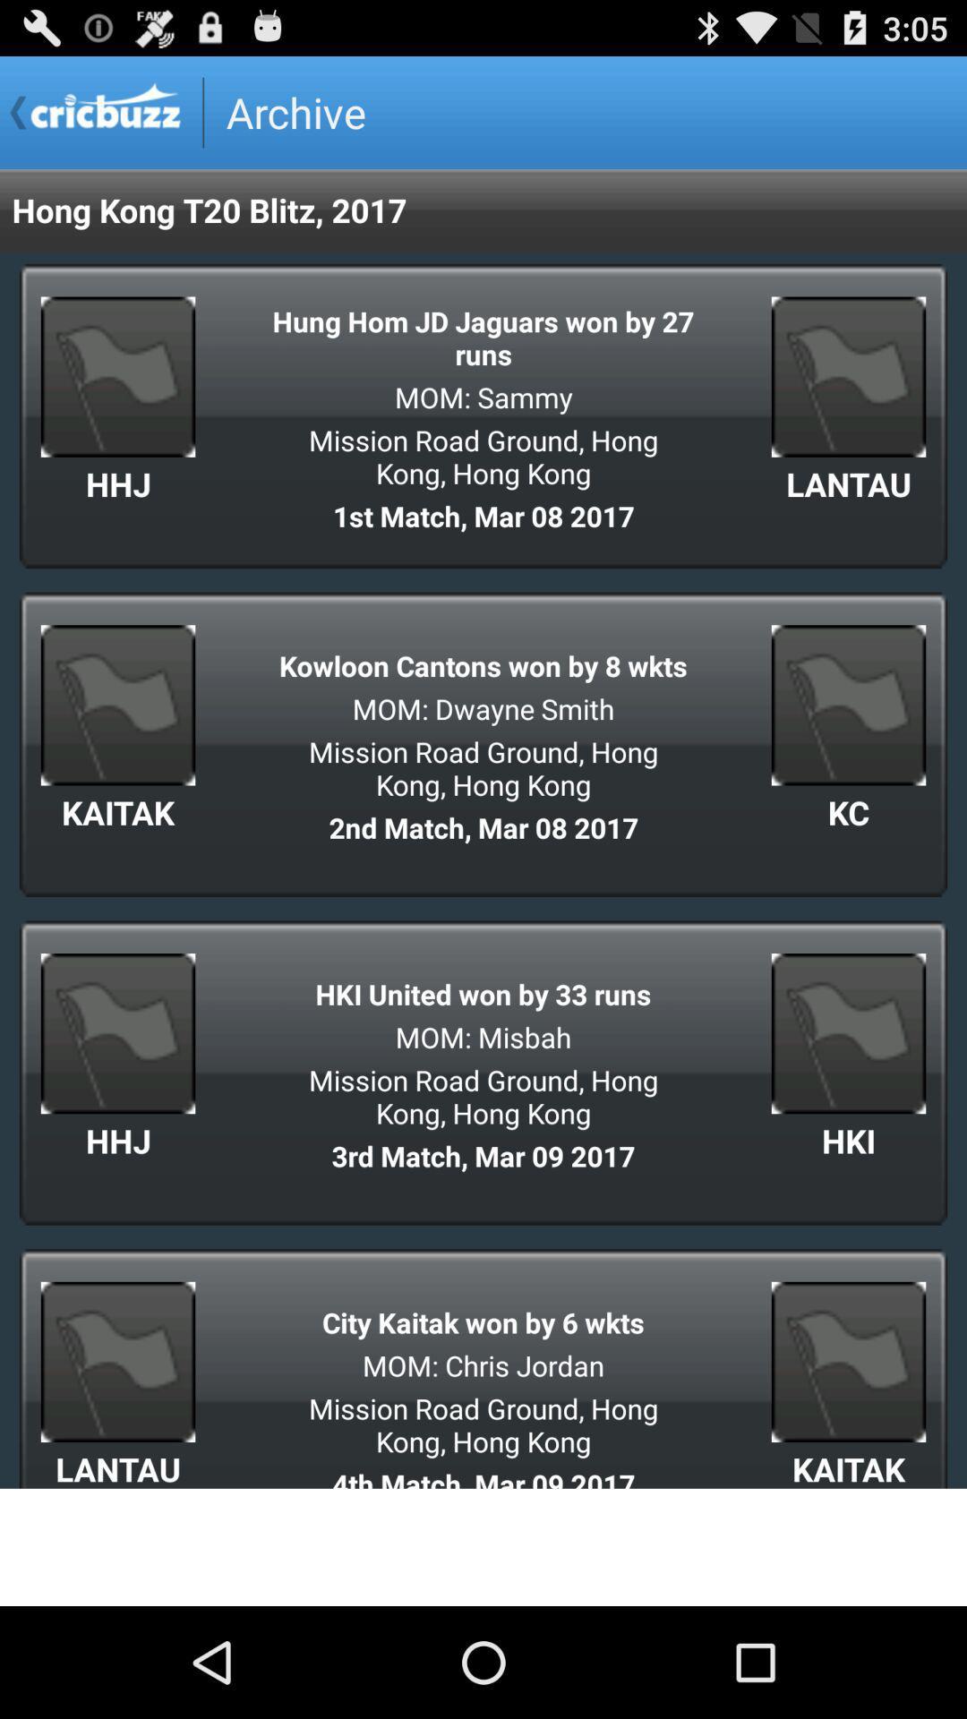 The width and height of the screenshot is (967, 1719). Describe the element at coordinates (483, 338) in the screenshot. I see `the hung hom jd` at that location.